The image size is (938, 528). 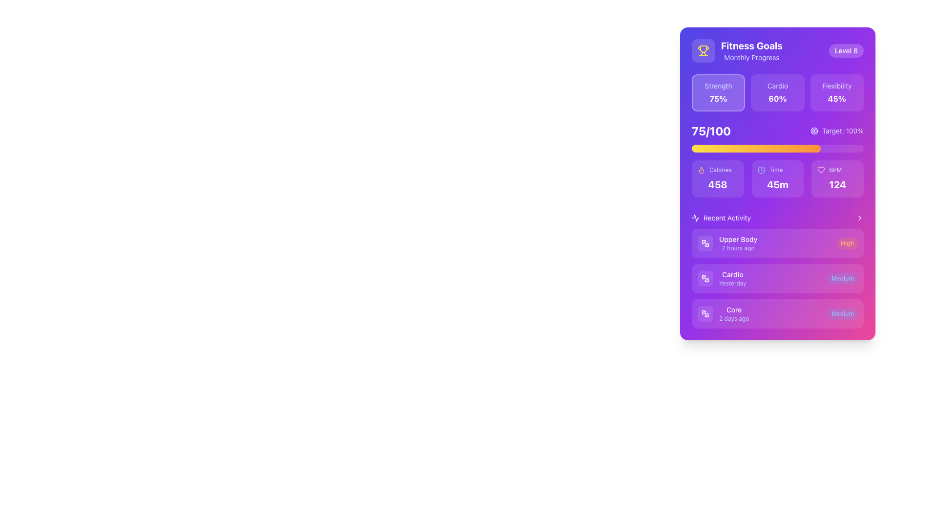 What do you see at coordinates (777, 86) in the screenshot?
I see `the label indicating the performance metric category located in the top-right segment of the interface, which displays '60%'` at bounding box center [777, 86].